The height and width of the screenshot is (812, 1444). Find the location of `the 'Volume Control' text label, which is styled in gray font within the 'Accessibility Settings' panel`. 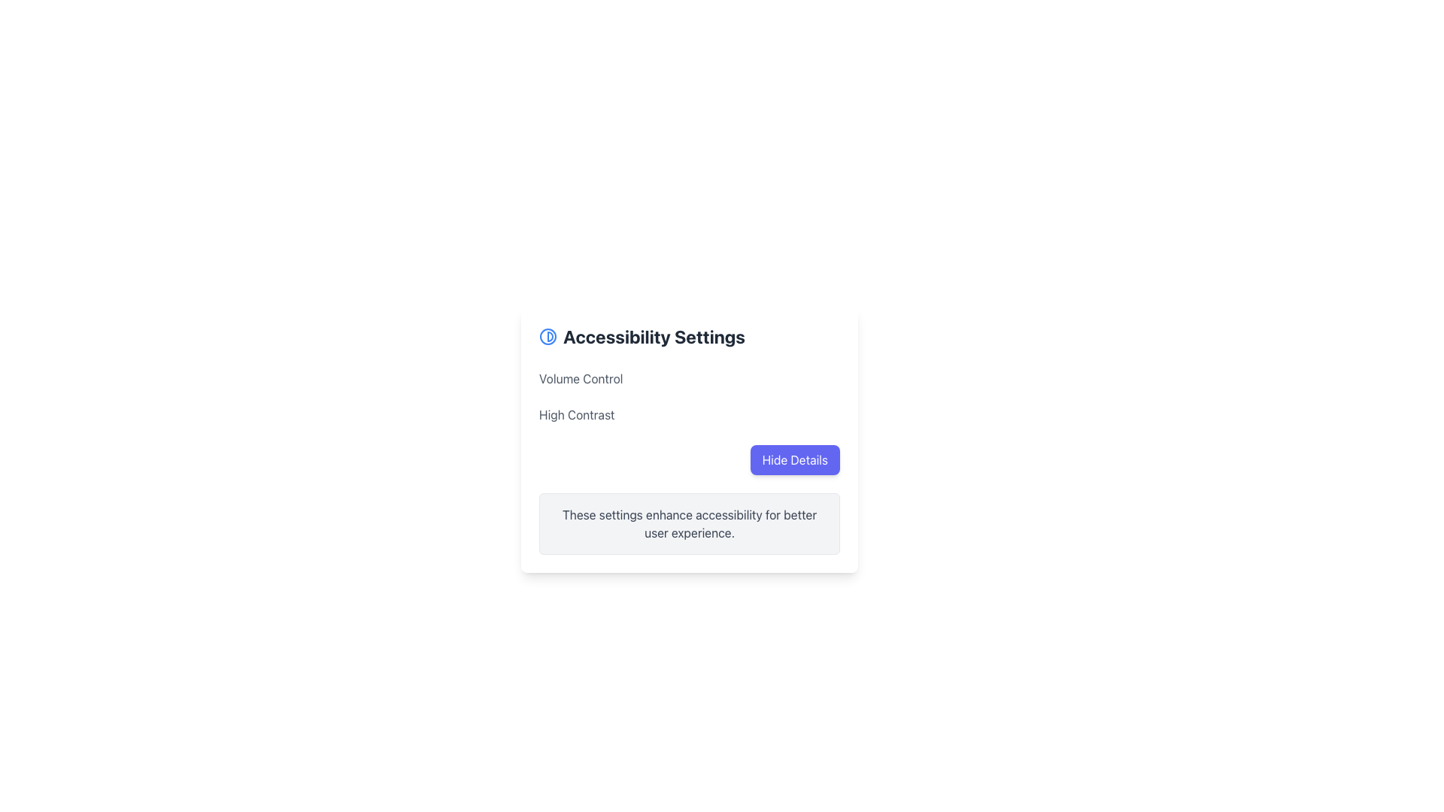

the 'Volume Control' text label, which is styled in gray font within the 'Accessibility Settings' panel is located at coordinates (580, 378).